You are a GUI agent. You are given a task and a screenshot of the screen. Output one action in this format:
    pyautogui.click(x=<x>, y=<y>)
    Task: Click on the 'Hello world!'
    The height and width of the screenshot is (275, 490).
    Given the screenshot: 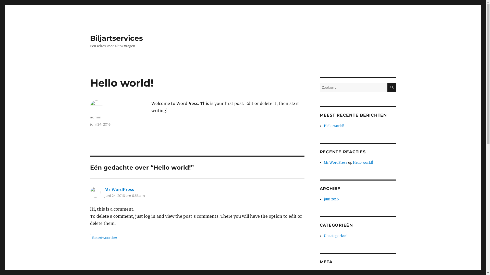 What is the action you would take?
    pyautogui.click(x=334, y=126)
    